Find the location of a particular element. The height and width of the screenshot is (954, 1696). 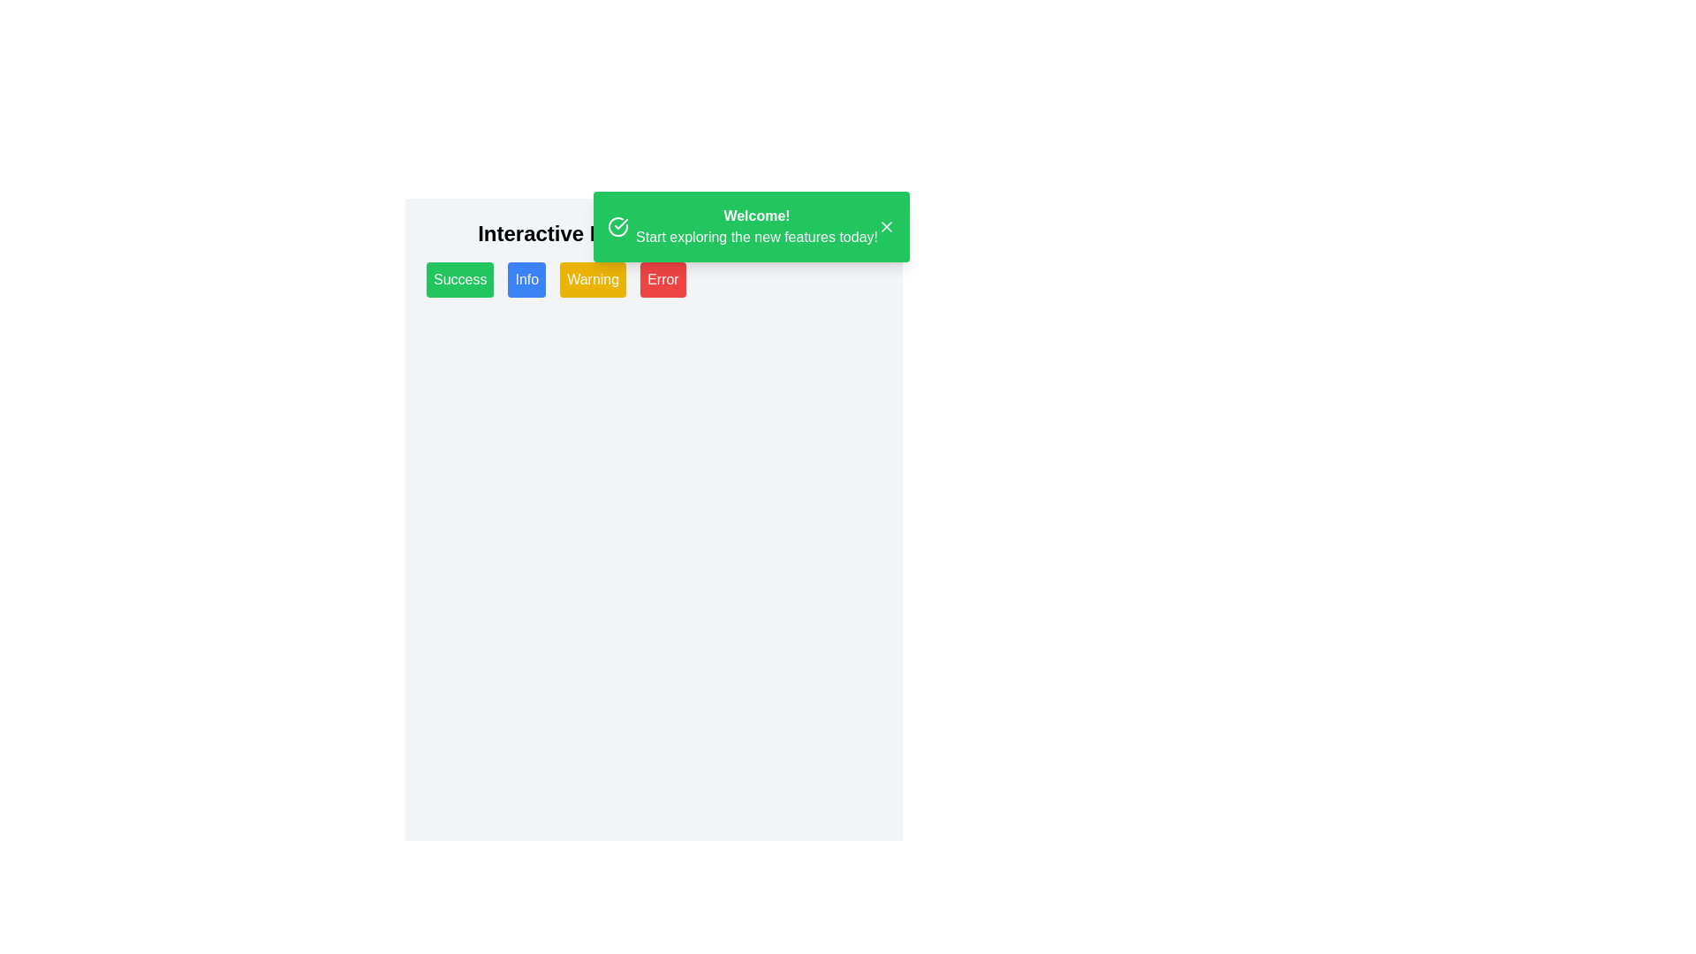

the close button located at the far right end of the green notification box containing the text 'Welcome! Start exploring the new features today!' is located at coordinates (886, 226).